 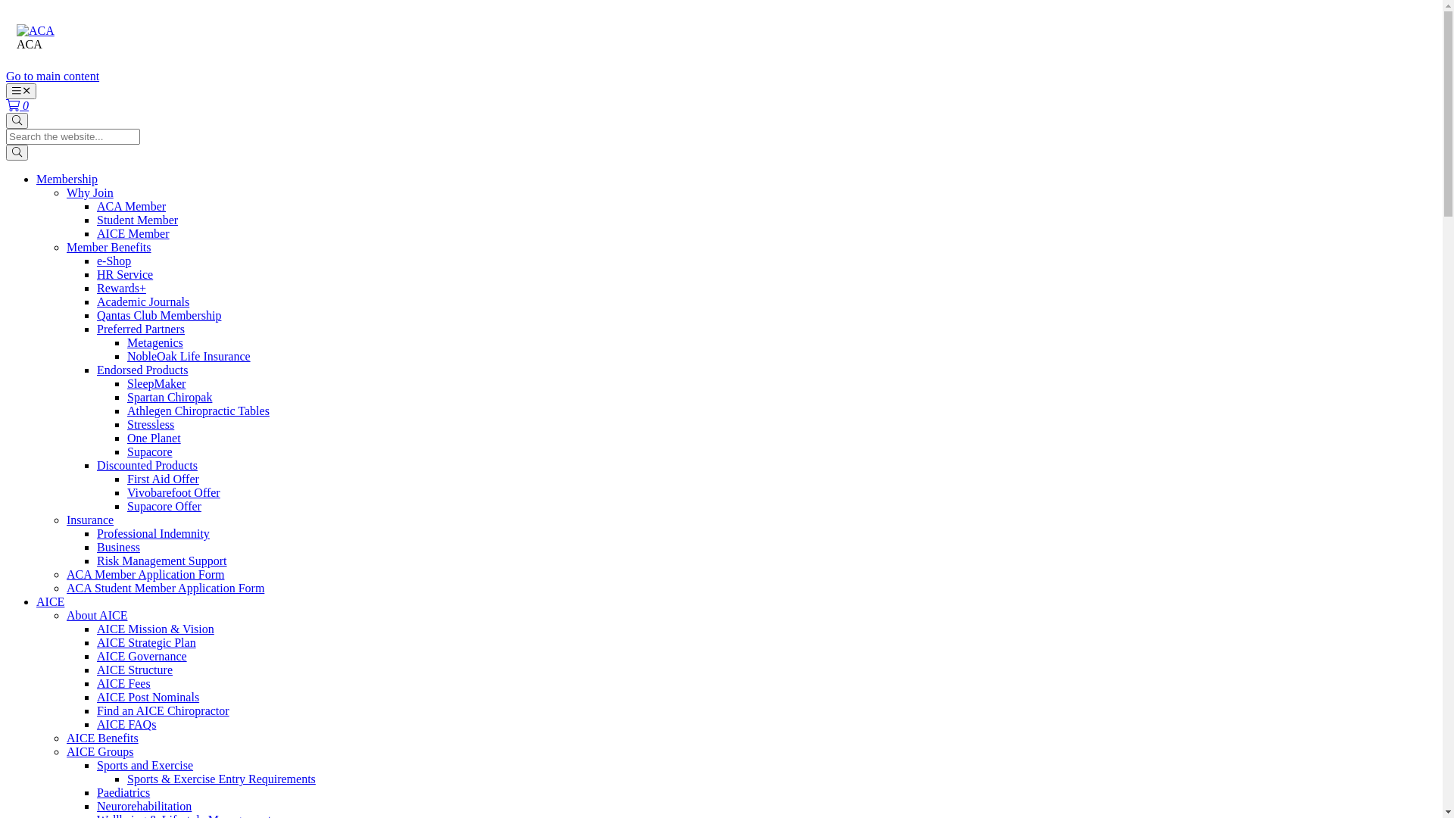 I want to click on 'Academic Journals', so click(x=142, y=301).